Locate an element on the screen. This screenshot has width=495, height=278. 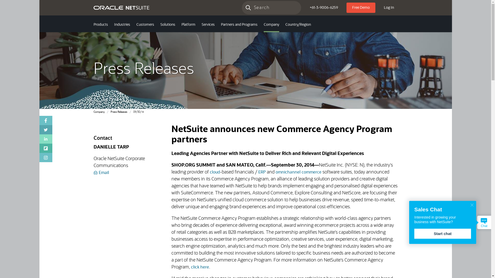
'omnichannel commerce' is located at coordinates (298, 172).